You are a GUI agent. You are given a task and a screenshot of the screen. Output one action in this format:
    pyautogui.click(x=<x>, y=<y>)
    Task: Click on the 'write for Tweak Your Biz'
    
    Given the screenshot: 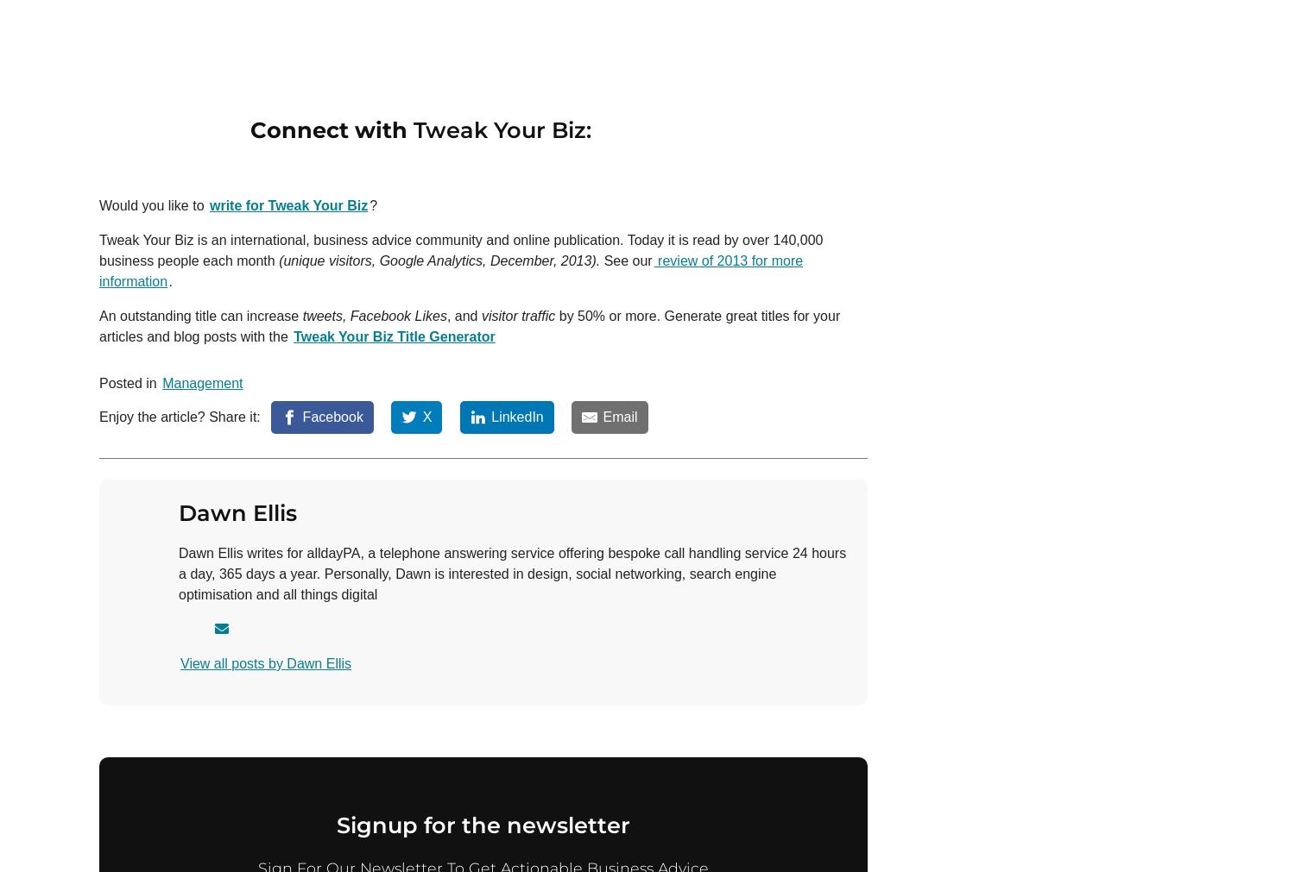 What is the action you would take?
    pyautogui.click(x=287, y=204)
    